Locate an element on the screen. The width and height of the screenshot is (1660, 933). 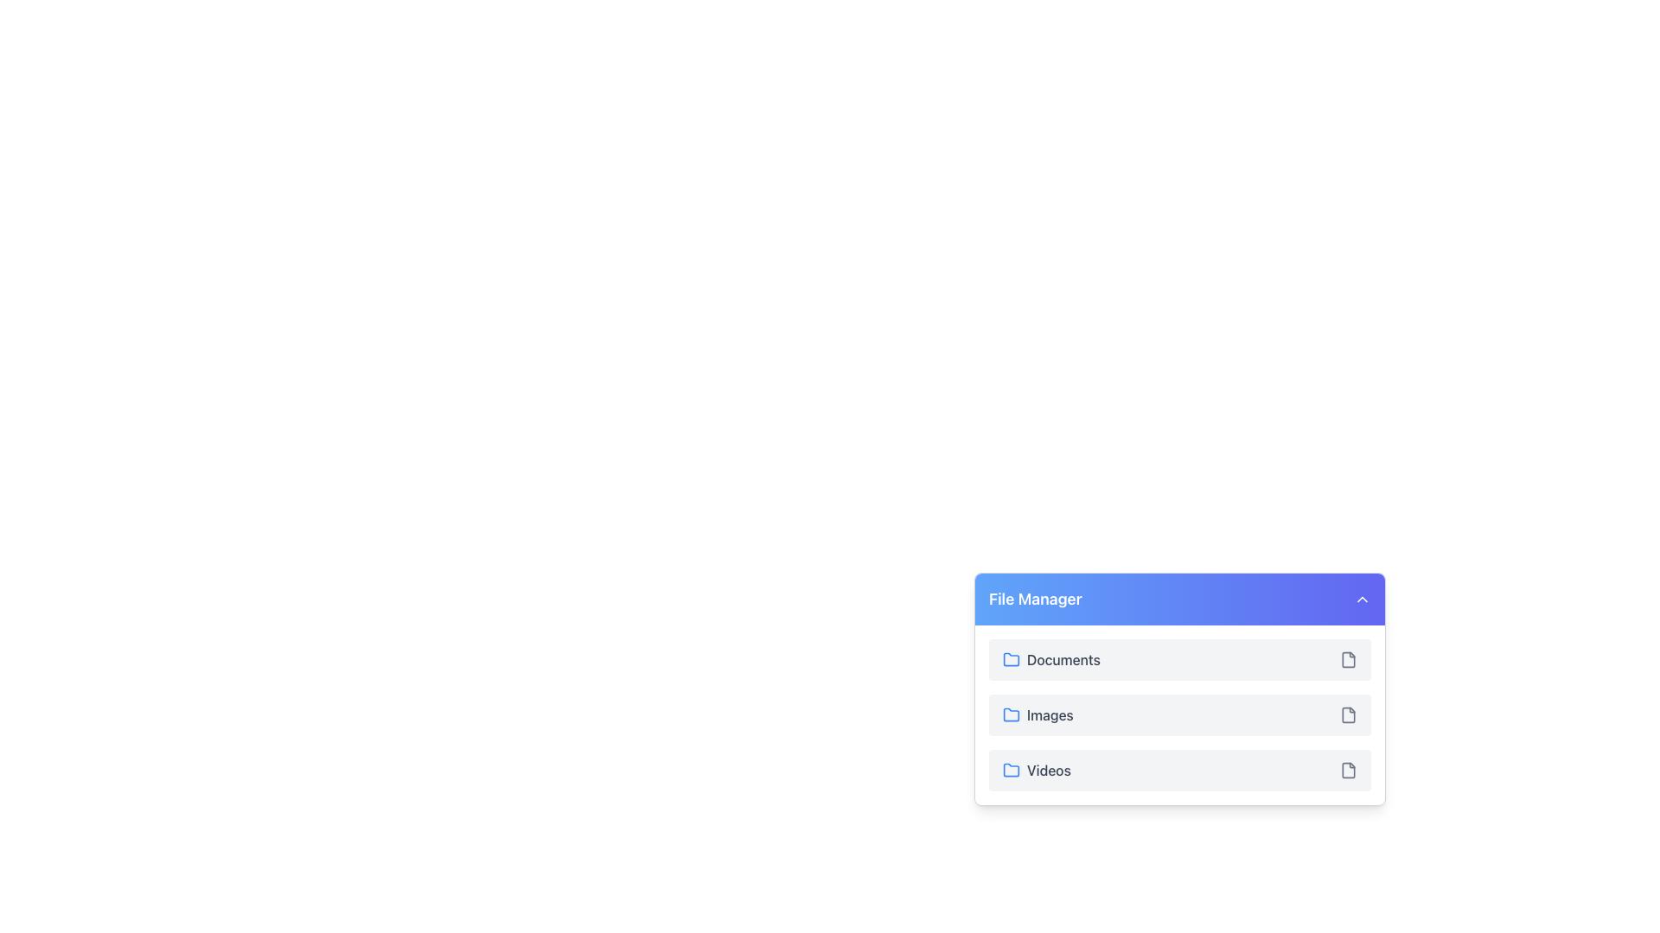
the blue folder icon located next to the 'Images' text label is located at coordinates (1012, 715).